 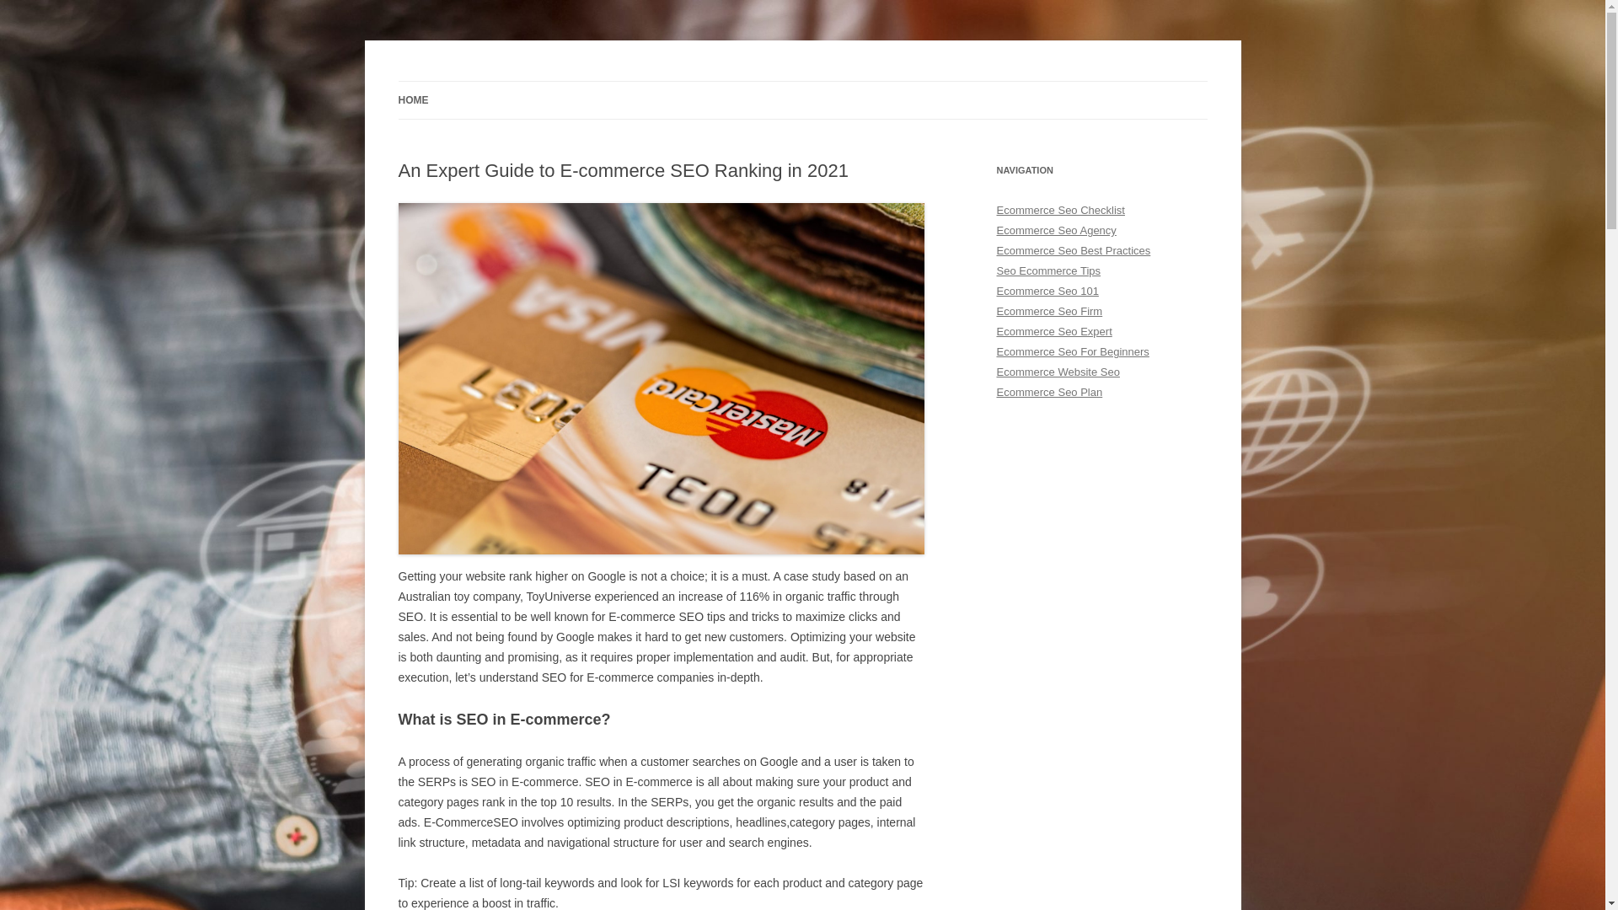 What do you see at coordinates (995, 392) in the screenshot?
I see `'Ecommerce Seo Plan'` at bounding box center [995, 392].